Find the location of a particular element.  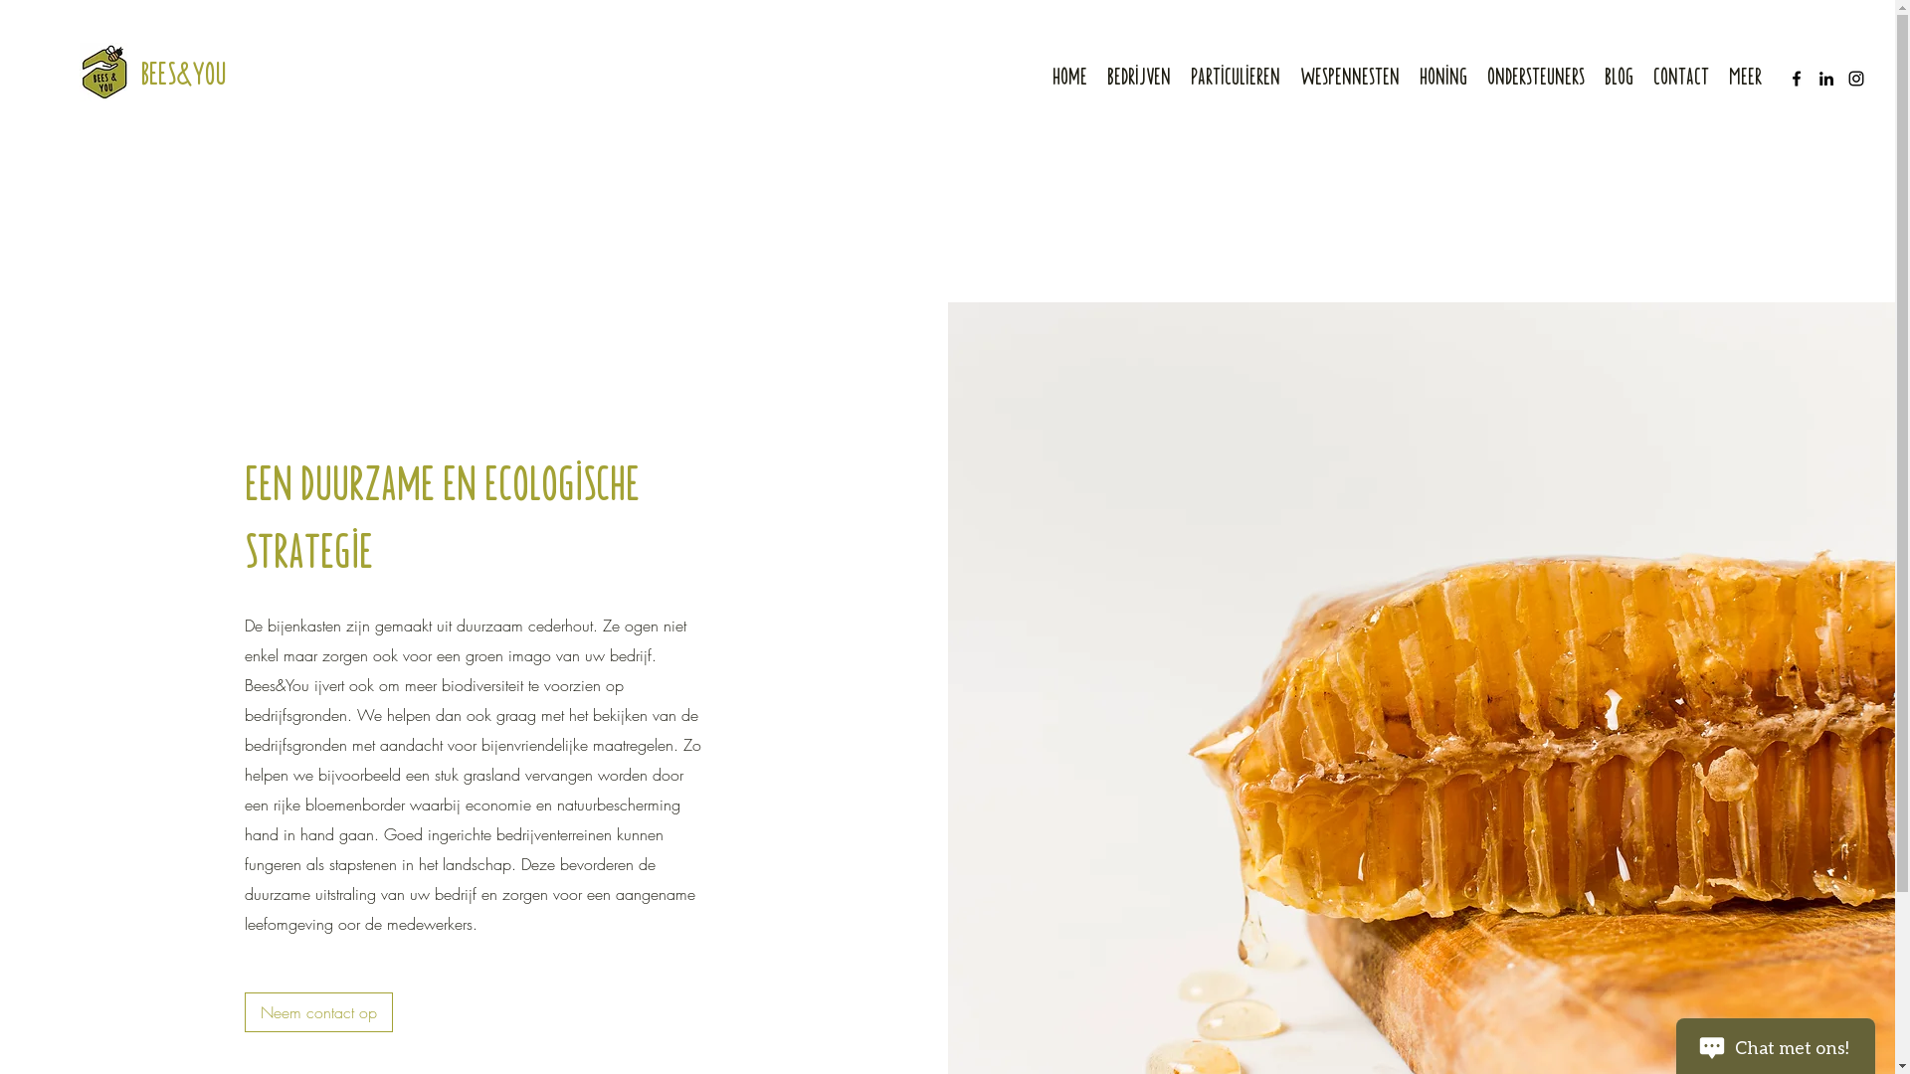

'Wespennesten' is located at coordinates (1350, 74).